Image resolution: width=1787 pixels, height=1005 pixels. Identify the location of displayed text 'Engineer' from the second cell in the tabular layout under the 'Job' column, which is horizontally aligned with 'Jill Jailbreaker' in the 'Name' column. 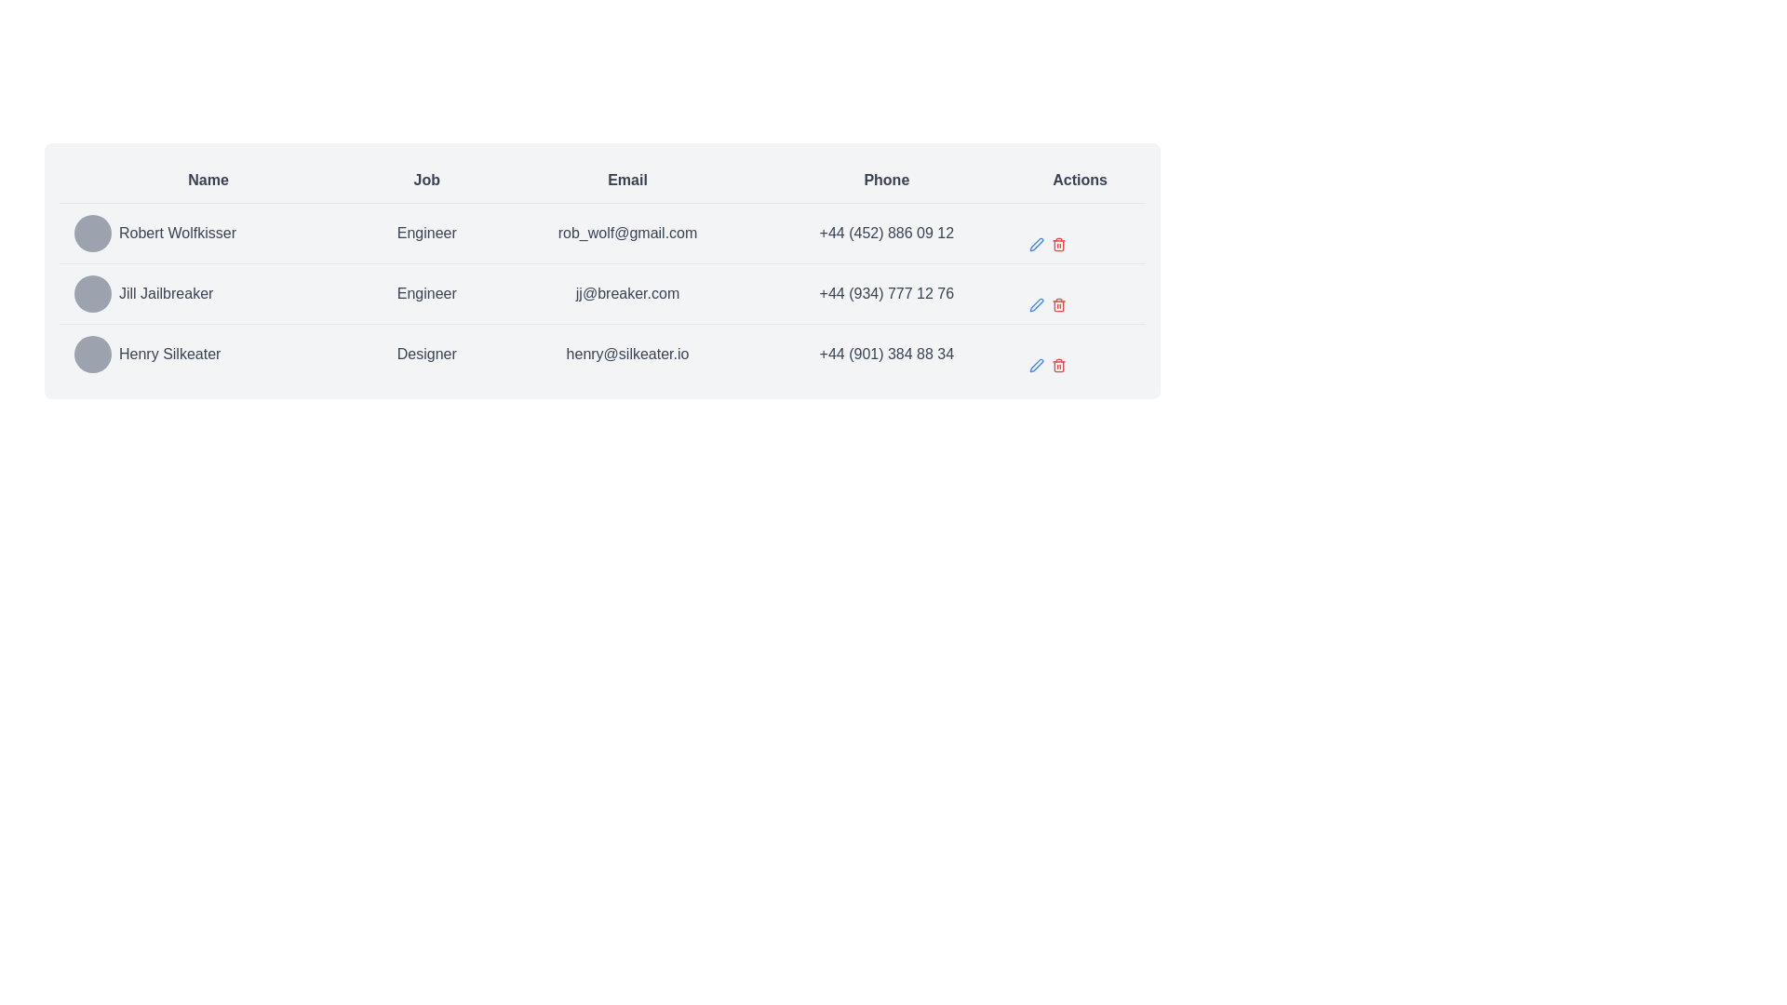
(425, 293).